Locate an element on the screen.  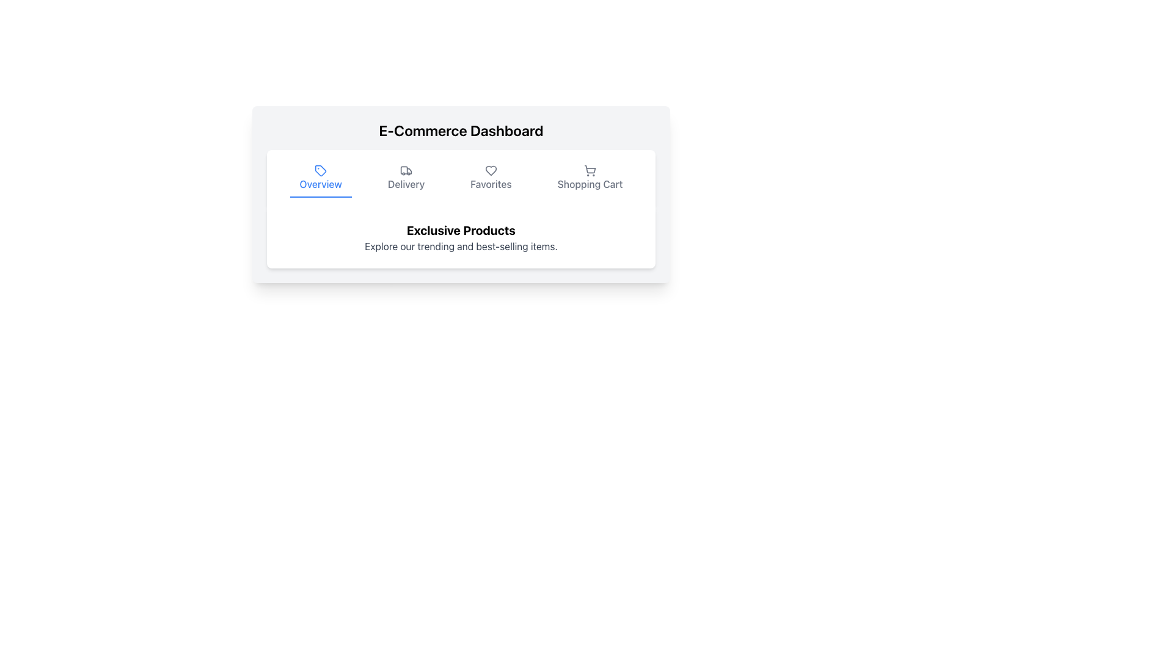
the 'Favorites' button, which is a vertically-aligned button with a heart icon and the label 'Favorites', located in the center of the navigation bar is located at coordinates (491, 179).